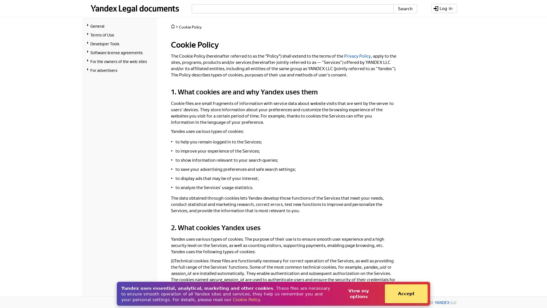  Describe the element at coordinates (119, 70) in the screenshot. I see `For advertisers` at that location.